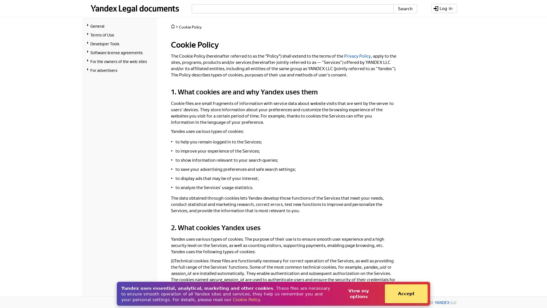  Describe the element at coordinates (119, 70) in the screenshot. I see `For advertisers` at that location.